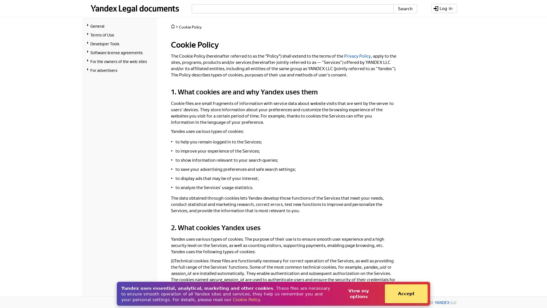  Describe the element at coordinates (119, 70) in the screenshot. I see `For advertisers` at that location.